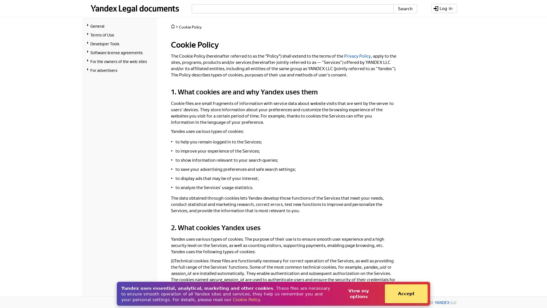  Describe the element at coordinates (119, 70) in the screenshot. I see `For advertisers` at that location.